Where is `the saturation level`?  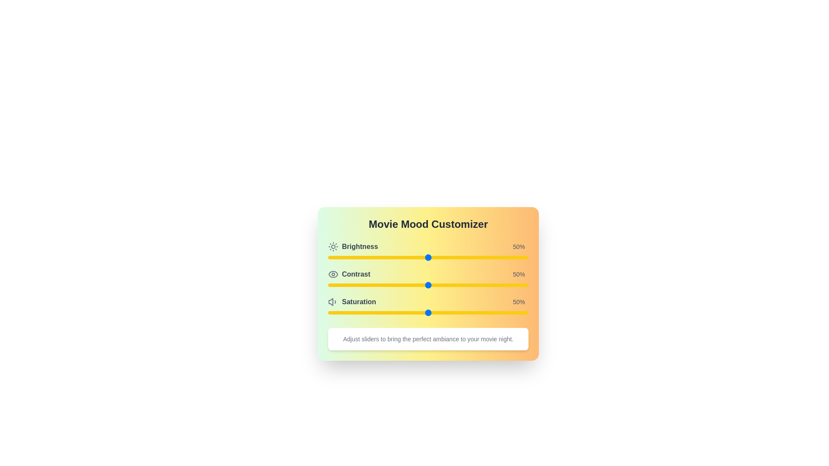 the saturation level is located at coordinates (452, 313).